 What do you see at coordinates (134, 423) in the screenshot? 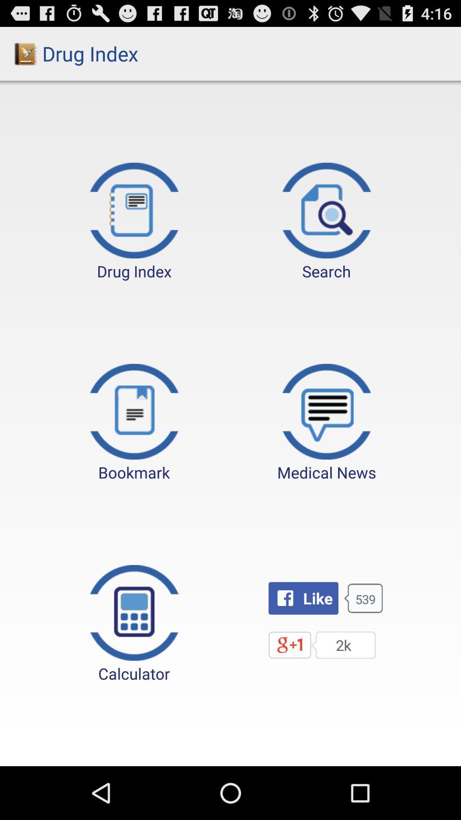
I see `the bookmark button` at bounding box center [134, 423].